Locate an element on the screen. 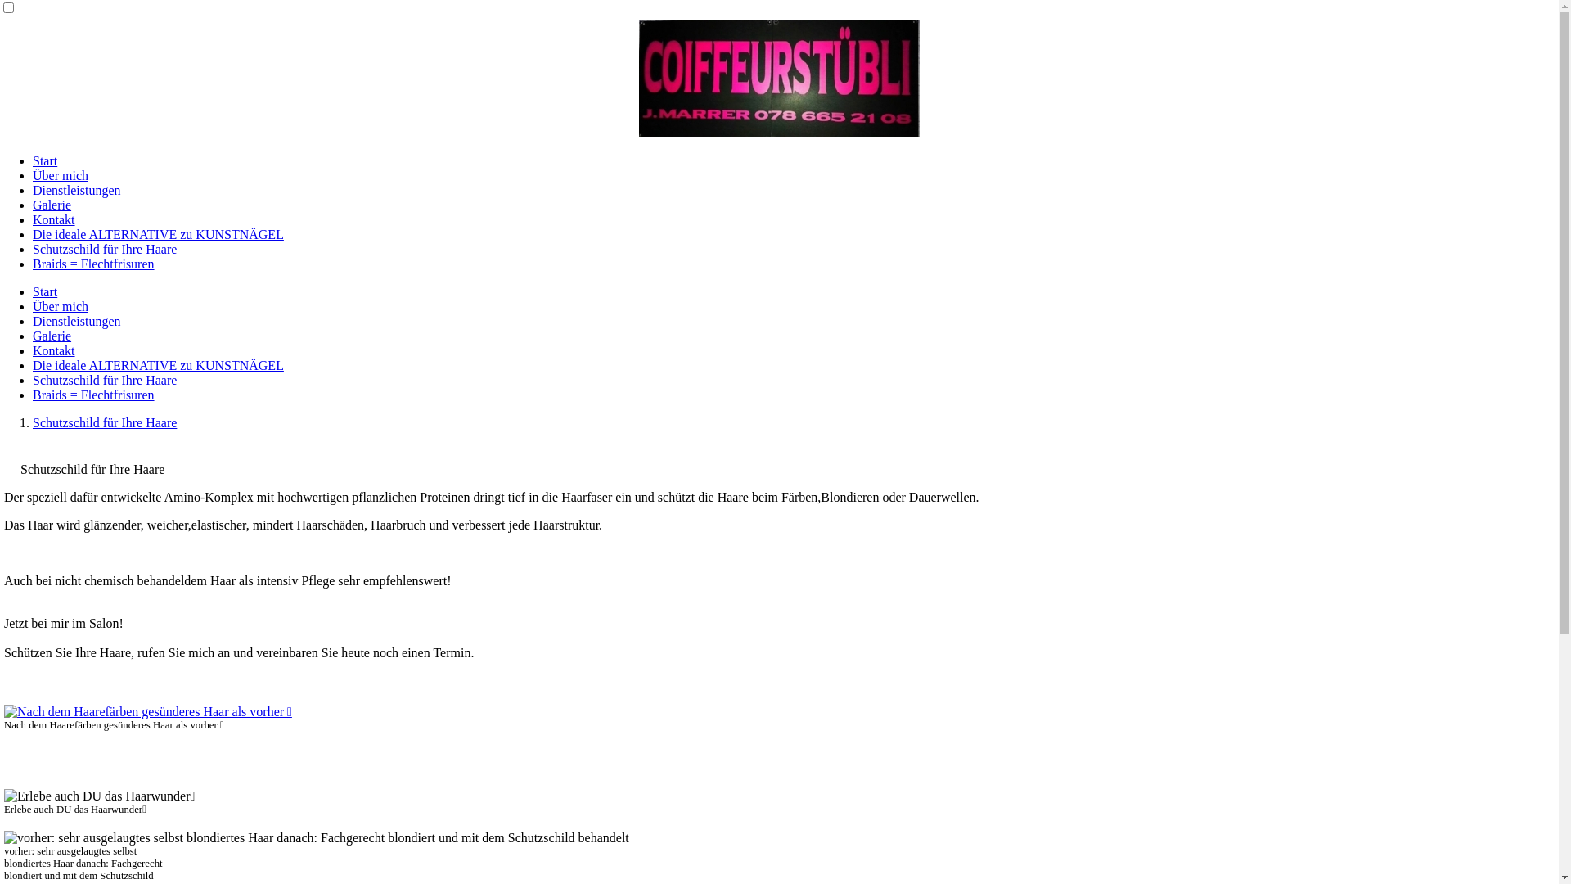  'Start' is located at coordinates (44, 291).